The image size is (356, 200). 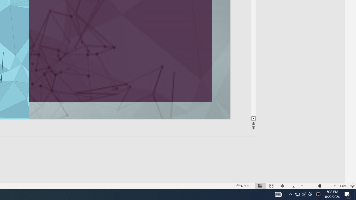 What do you see at coordinates (282, 186) in the screenshot?
I see `'Reading View'` at bounding box center [282, 186].